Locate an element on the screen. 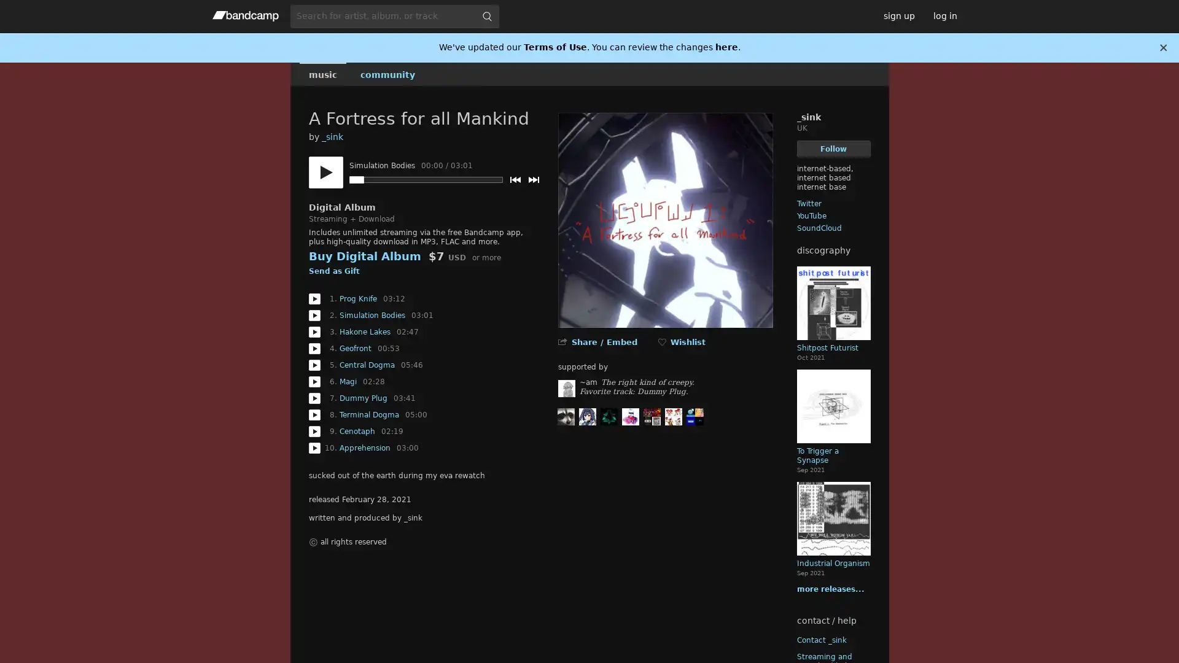  Play Prog Knife is located at coordinates (314, 298).